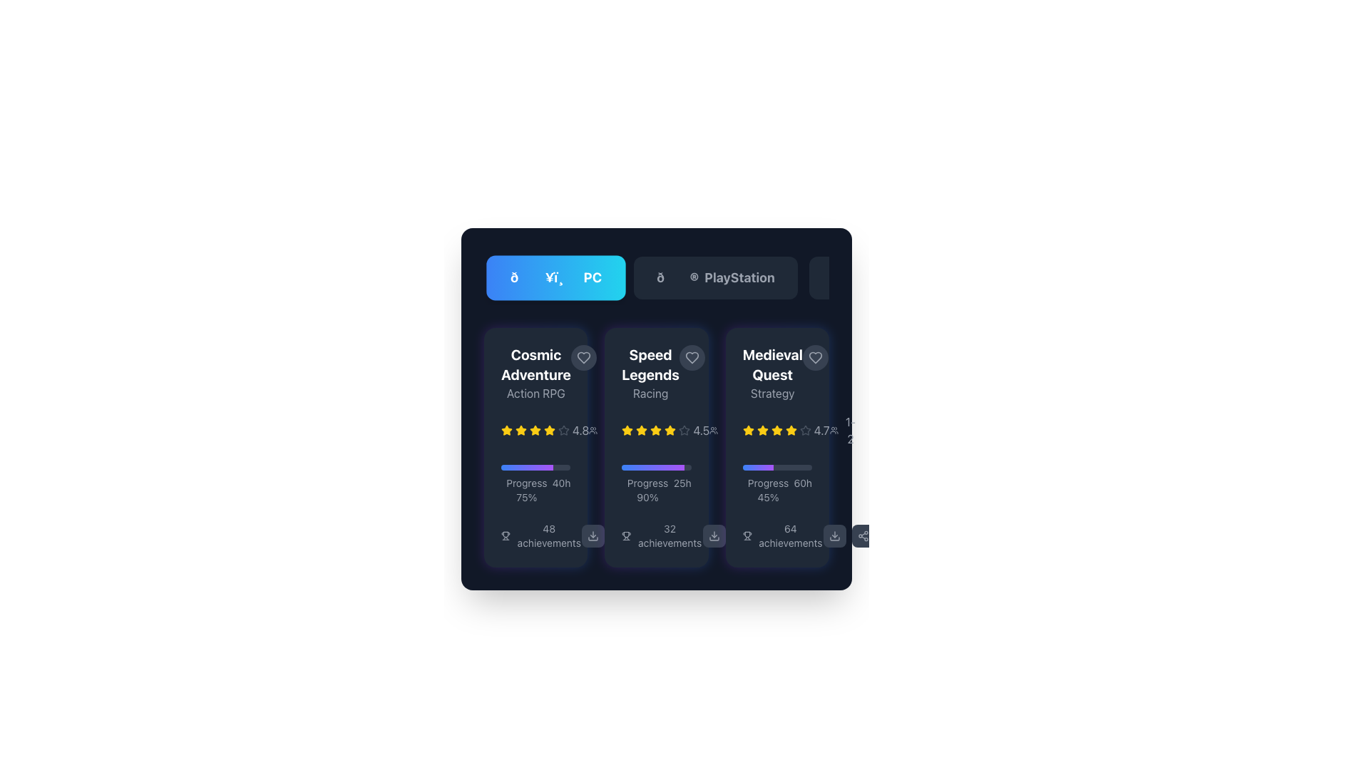 This screenshot has height=770, width=1369. I want to click on the star-shaped graphic icon with a dark outline, which is part of a rating system and positioned in the middle of the interface, so click(563, 429).